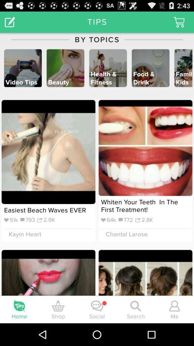  Describe the element at coordinates (9, 21) in the screenshot. I see `write post button` at that location.